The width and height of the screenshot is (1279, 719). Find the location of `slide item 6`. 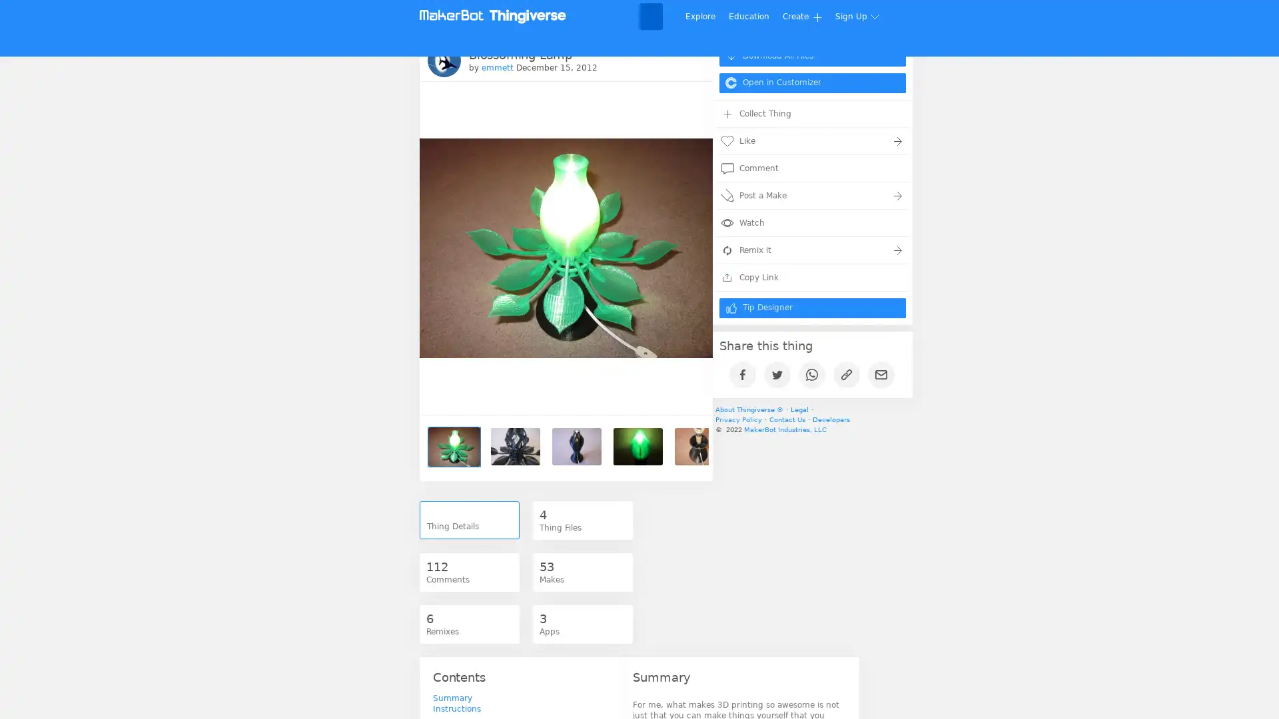

slide item 6 is located at coordinates (761, 446).